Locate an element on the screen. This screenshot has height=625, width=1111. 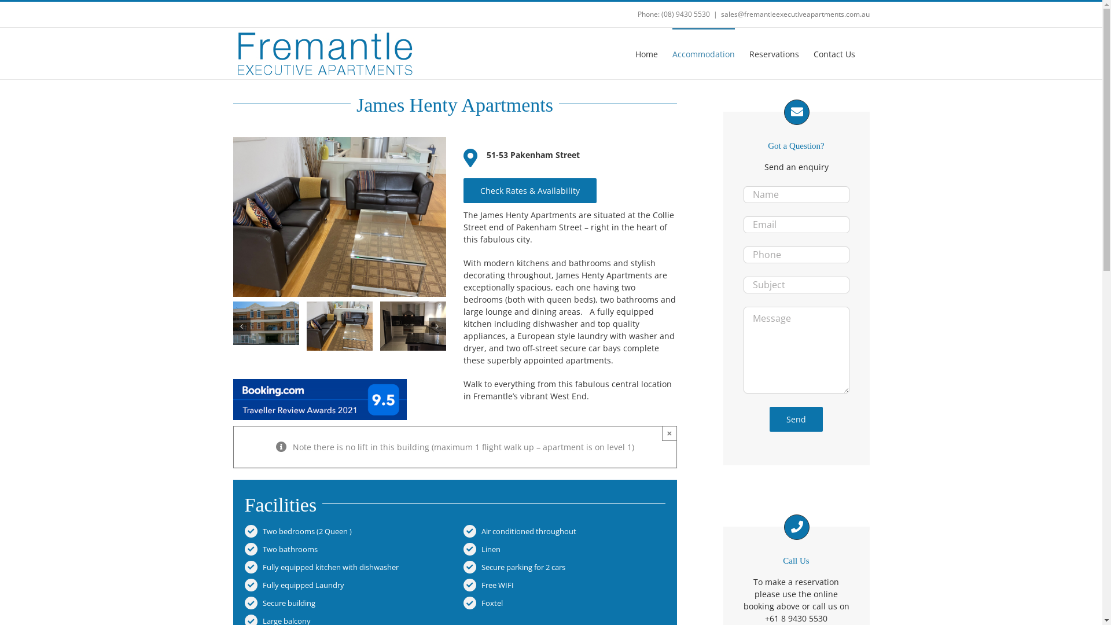
'Home' is located at coordinates (646, 53).